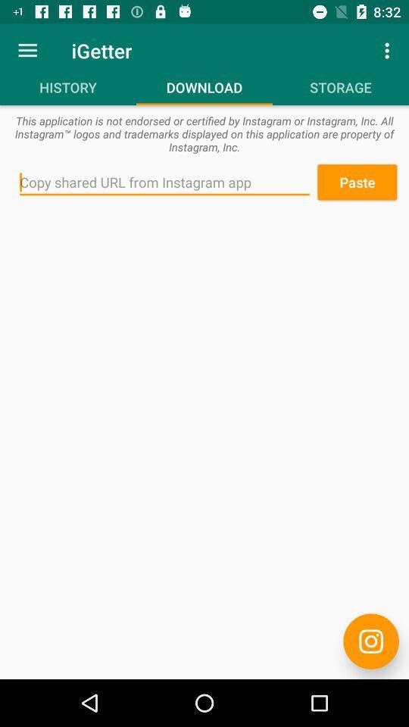 This screenshot has width=409, height=727. What do you see at coordinates (370, 641) in the screenshot?
I see `the item at the bottom right corner` at bounding box center [370, 641].